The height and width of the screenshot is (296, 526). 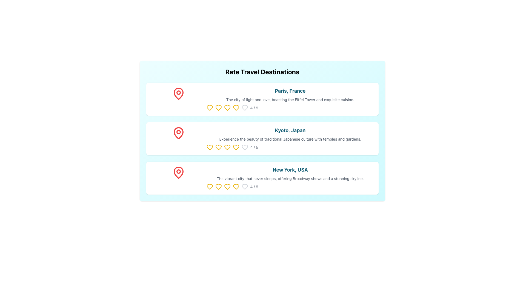 I want to click on the last icon in the second row of the rating button series, so click(x=244, y=147).